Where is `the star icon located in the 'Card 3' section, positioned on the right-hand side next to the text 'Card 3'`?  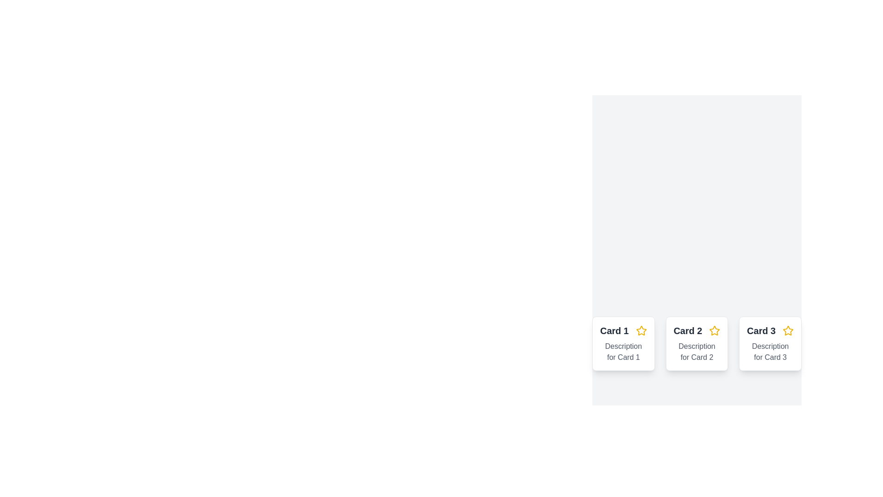 the star icon located in the 'Card 3' section, positioned on the right-hand side next to the text 'Card 3' is located at coordinates (787, 330).